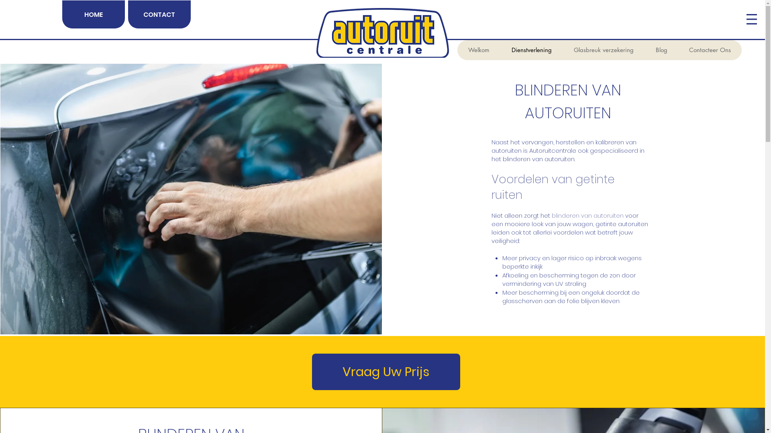 The image size is (771, 433). Describe the element at coordinates (478, 50) in the screenshot. I see `'Welkom'` at that location.